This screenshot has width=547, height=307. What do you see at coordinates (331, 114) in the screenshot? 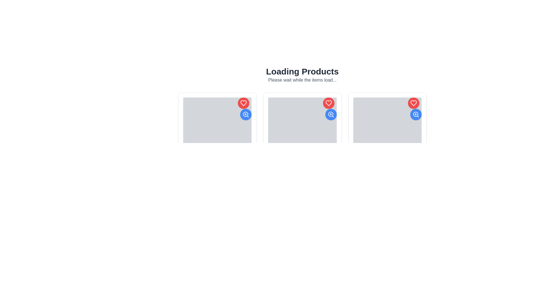
I see `the zoom button located at the bottom-right corner of the second card, below the red heart-shaped button` at bounding box center [331, 114].